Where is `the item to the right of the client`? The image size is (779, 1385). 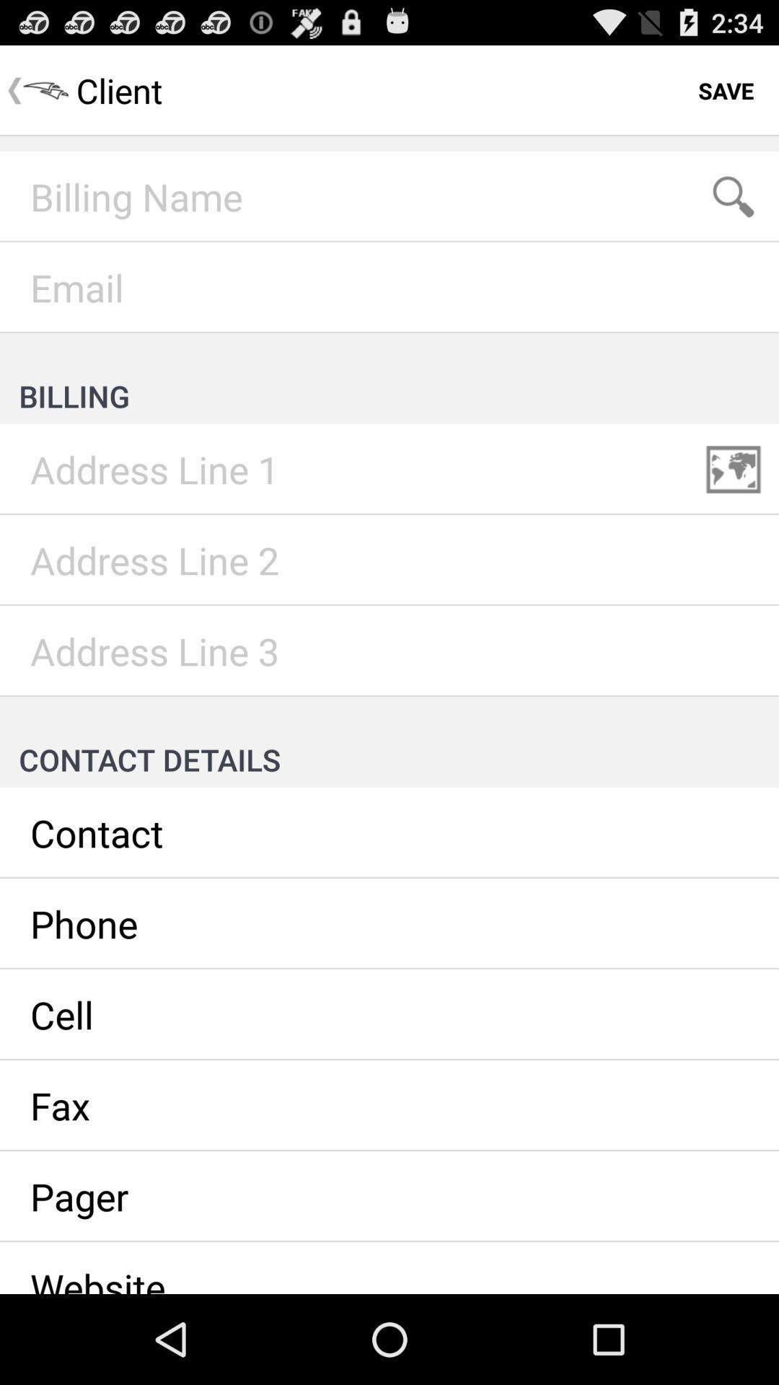
the item to the right of the client is located at coordinates (726, 89).